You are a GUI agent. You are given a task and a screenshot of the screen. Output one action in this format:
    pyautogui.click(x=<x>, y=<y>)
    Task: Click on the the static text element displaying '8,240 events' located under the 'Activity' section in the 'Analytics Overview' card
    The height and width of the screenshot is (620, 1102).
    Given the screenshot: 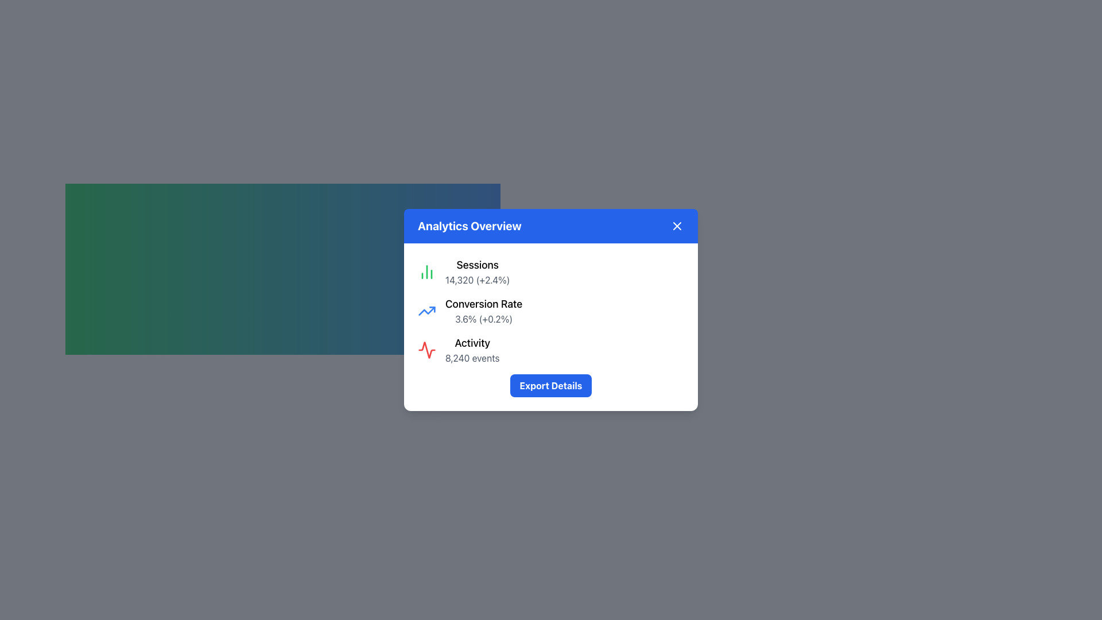 What is the action you would take?
    pyautogui.click(x=472, y=358)
    